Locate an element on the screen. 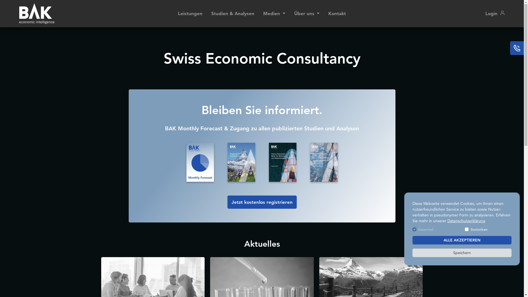 Image resolution: width=528 pixels, height=297 pixels. 'Jetzt kostenlos registrieren' is located at coordinates (261, 202).